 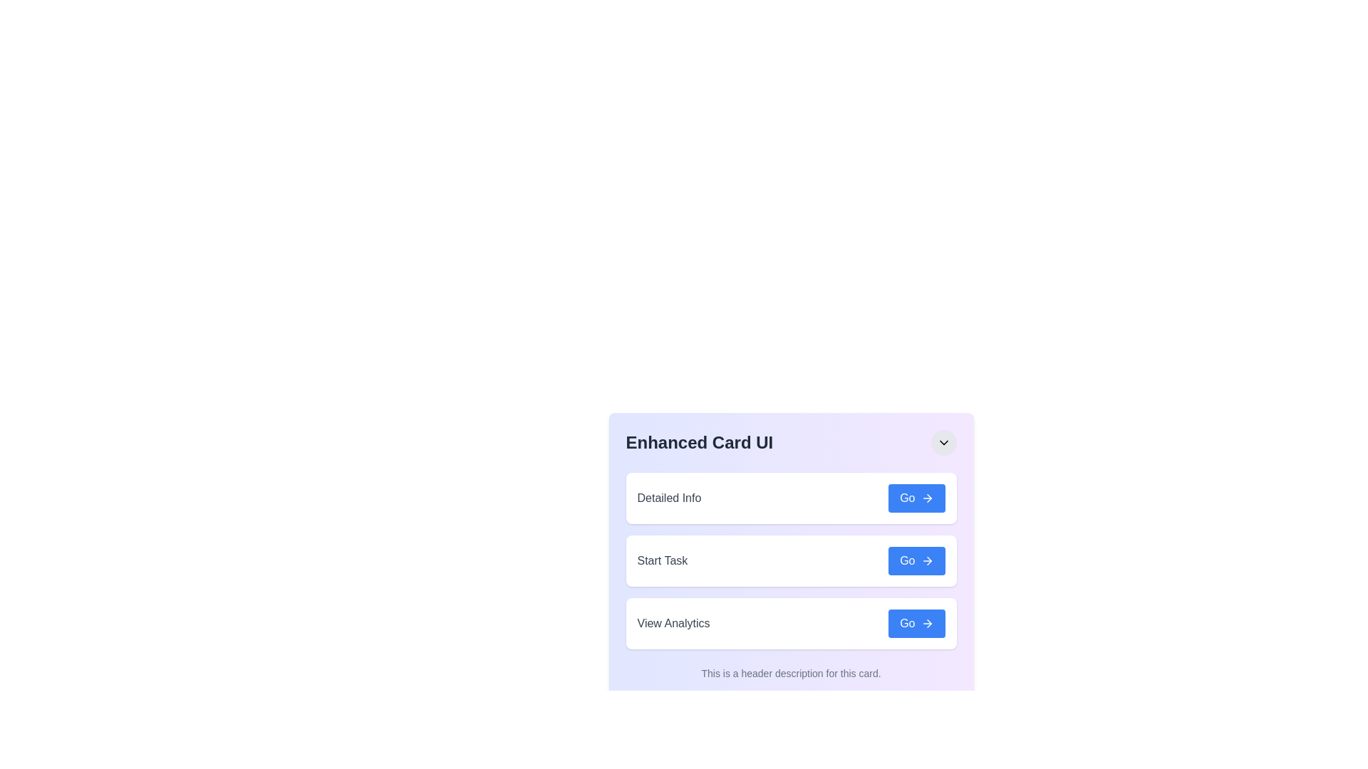 I want to click on the rightward chevron arrow icon next to the 'Go' button, which has a blue background and white text, located in the middle row of the interface, so click(x=927, y=560).